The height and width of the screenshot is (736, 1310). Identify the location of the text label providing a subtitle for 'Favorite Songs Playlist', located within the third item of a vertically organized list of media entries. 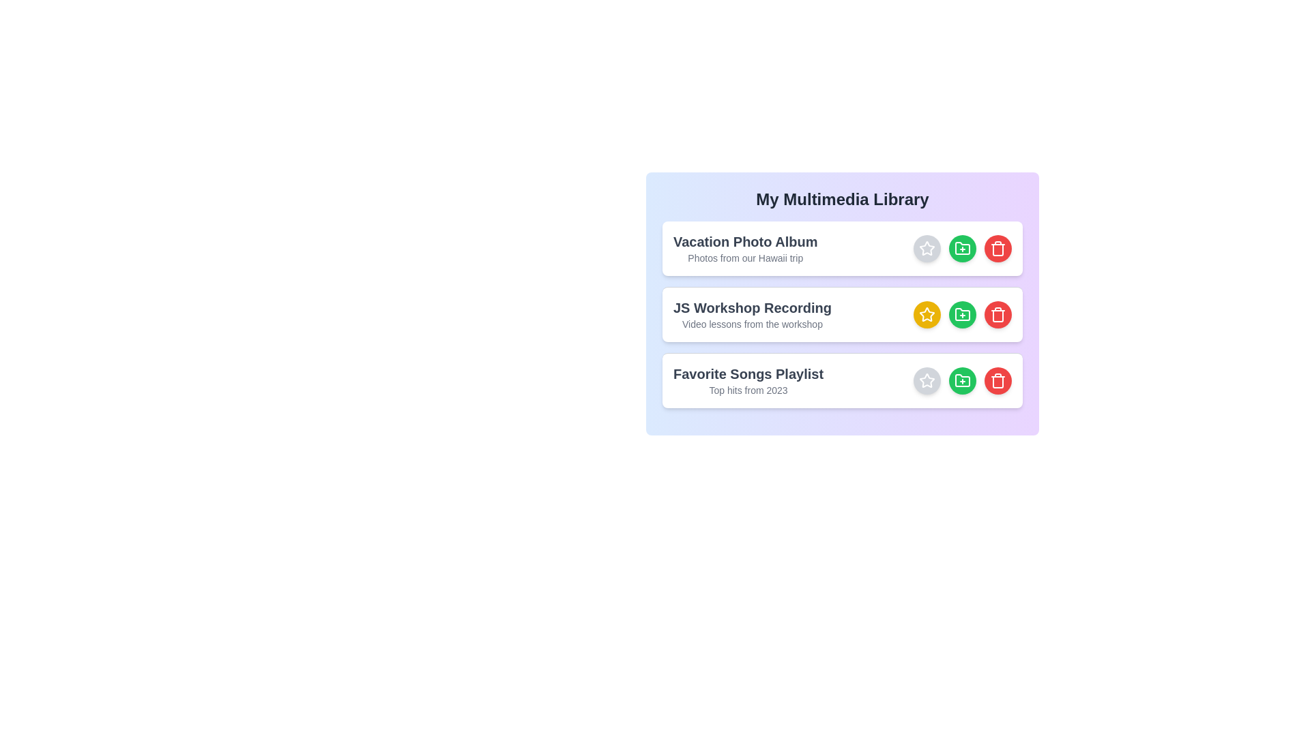
(748, 390).